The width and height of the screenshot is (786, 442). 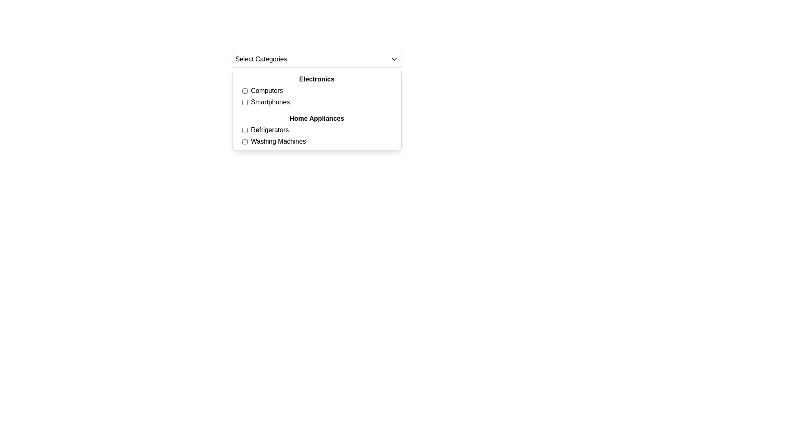 I want to click on the dropdown selection box labeled 'Select Categories', so click(x=316, y=59).